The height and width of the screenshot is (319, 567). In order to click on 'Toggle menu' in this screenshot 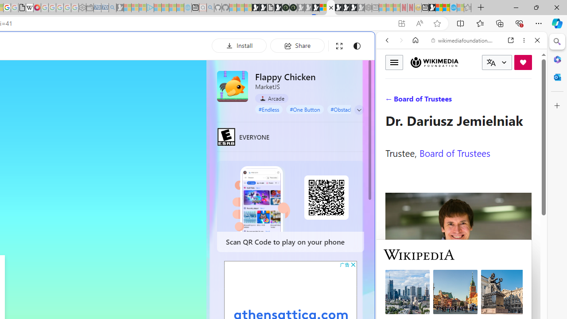, I will do `click(394, 62)`.